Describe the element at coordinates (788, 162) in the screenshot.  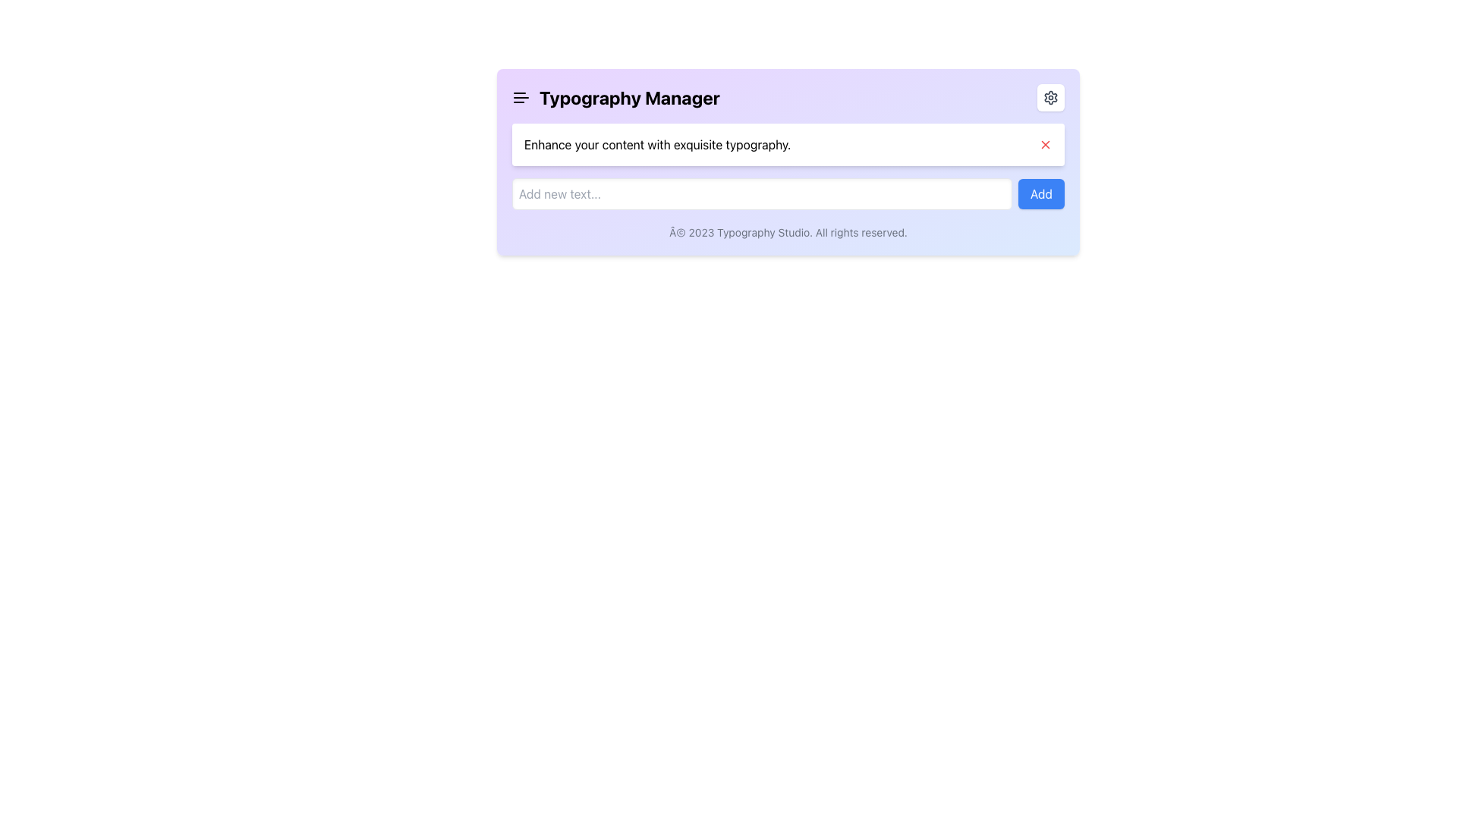
I see `the central interface element for managing typography content, which includes a title, interactive input field, and a button` at that location.